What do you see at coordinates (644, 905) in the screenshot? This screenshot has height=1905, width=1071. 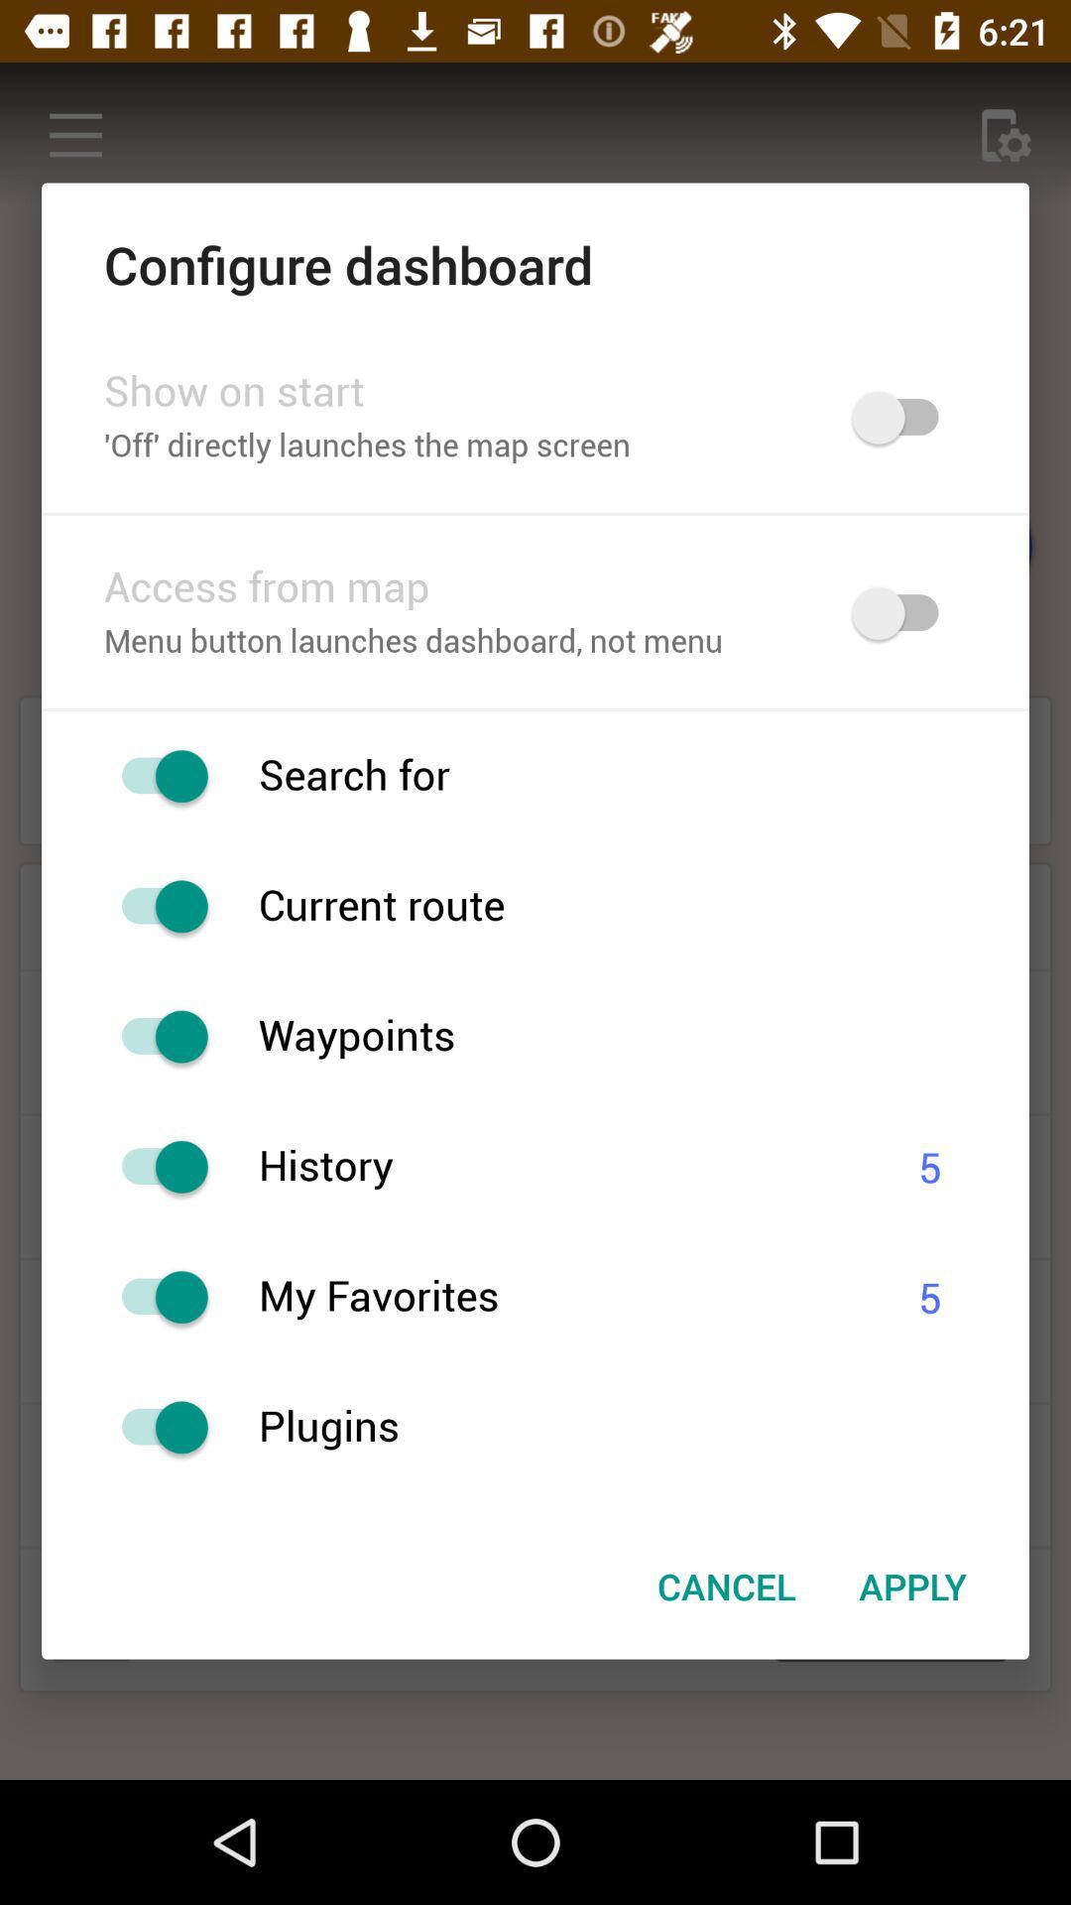 I see `item above the waypoints` at bounding box center [644, 905].